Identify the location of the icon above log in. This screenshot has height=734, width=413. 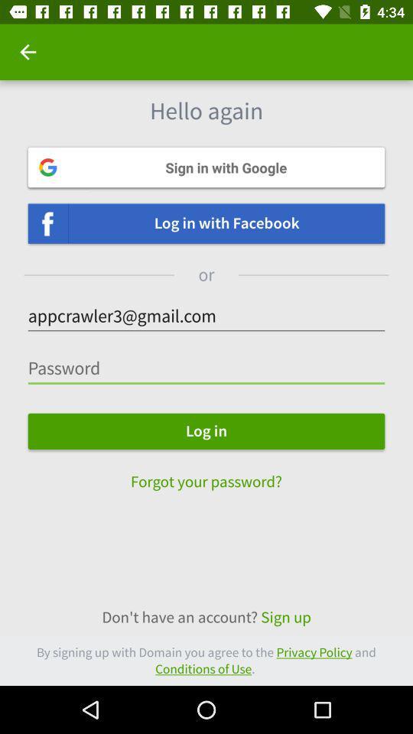
(206, 368).